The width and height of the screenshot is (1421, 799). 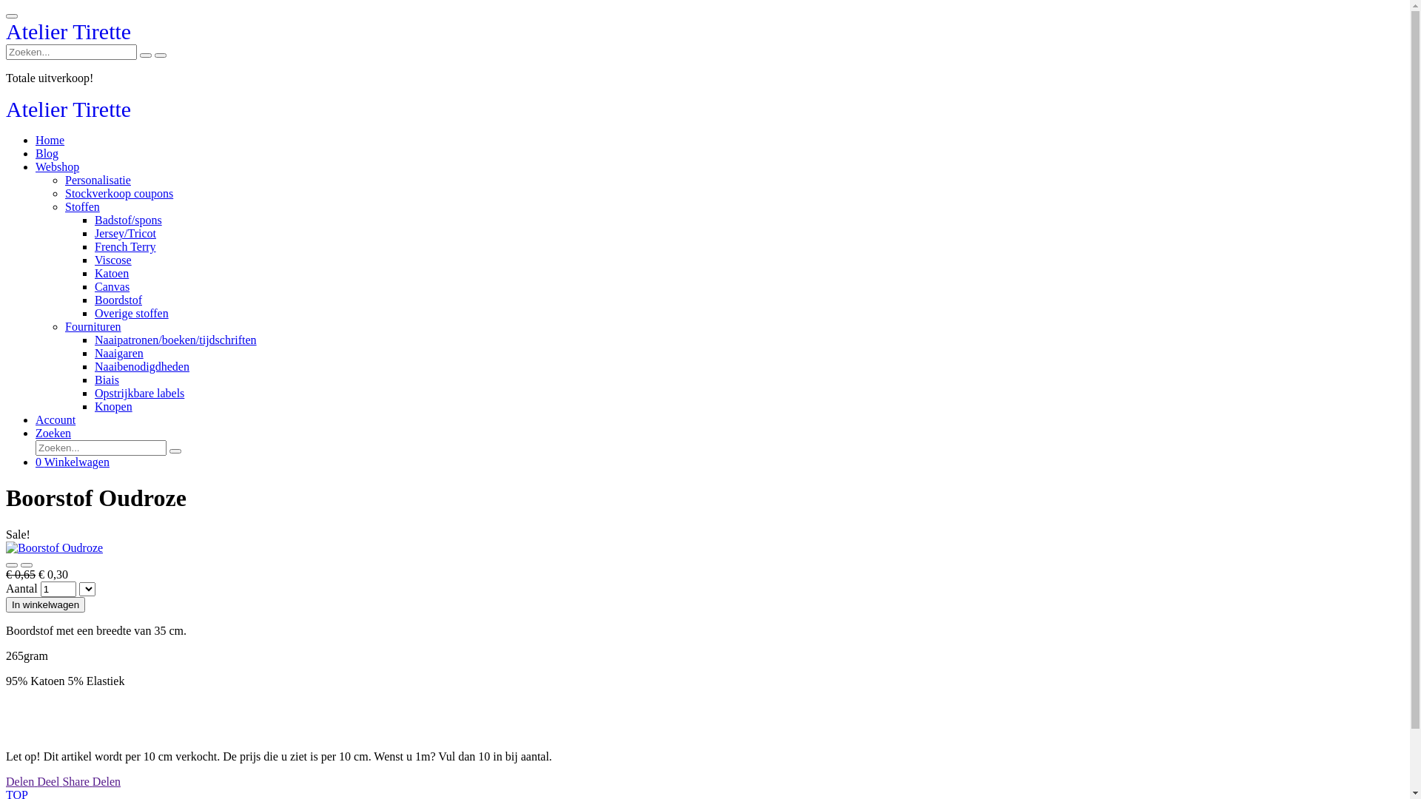 What do you see at coordinates (142, 366) in the screenshot?
I see `'Naaibenodigdheden'` at bounding box center [142, 366].